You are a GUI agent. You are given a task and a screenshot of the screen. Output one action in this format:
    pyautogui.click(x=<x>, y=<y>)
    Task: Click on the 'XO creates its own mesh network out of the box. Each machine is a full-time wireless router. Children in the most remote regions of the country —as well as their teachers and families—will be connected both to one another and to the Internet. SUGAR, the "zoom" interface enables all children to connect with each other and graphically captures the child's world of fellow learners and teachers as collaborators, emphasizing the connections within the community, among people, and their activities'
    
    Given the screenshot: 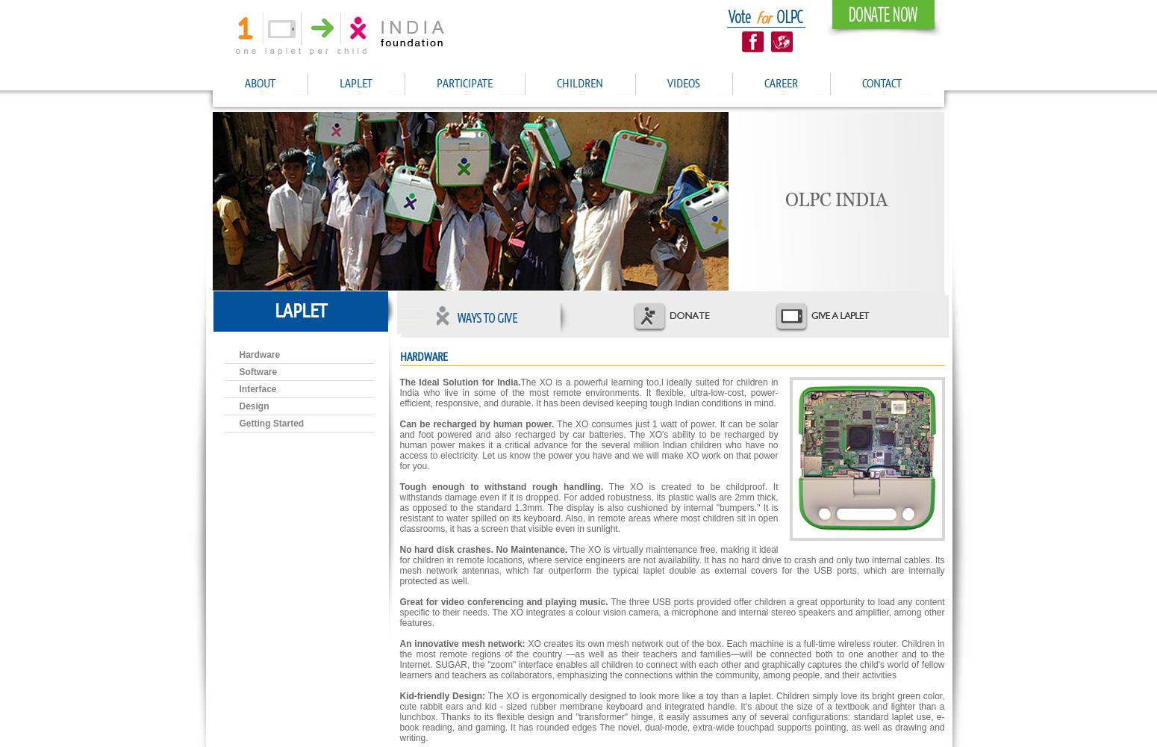 What is the action you would take?
    pyautogui.click(x=671, y=660)
    